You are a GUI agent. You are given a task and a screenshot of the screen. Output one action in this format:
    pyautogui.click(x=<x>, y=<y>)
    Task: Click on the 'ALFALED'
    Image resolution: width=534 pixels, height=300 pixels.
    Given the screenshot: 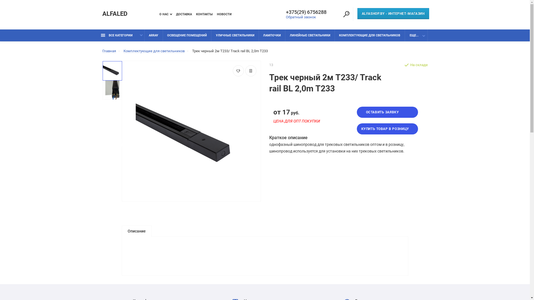 What is the action you would take?
    pyautogui.click(x=114, y=14)
    